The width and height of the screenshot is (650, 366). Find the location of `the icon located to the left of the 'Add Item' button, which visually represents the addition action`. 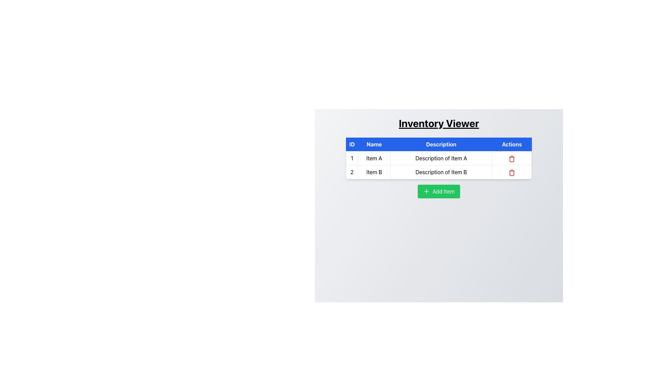

the icon located to the left of the 'Add Item' button, which visually represents the addition action is located at coordinates (426, 191).